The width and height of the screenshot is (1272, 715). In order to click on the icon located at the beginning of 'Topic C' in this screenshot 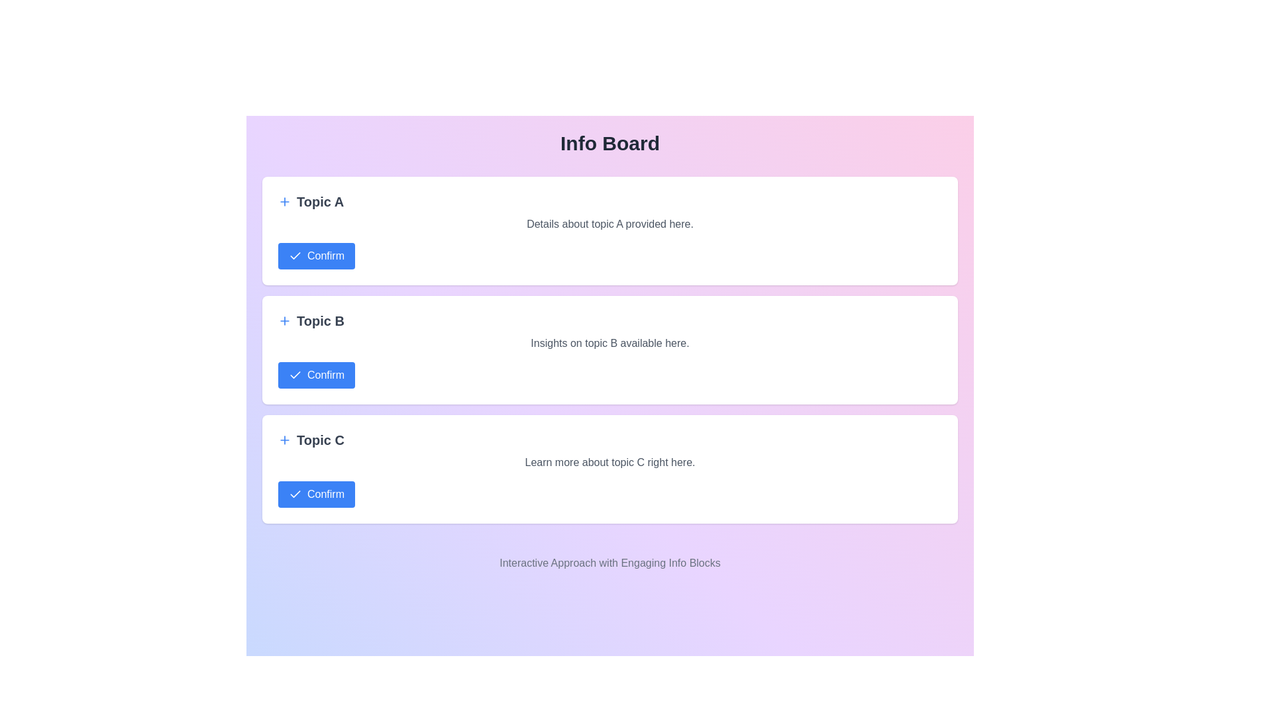, I will do `click(284, 440)`.